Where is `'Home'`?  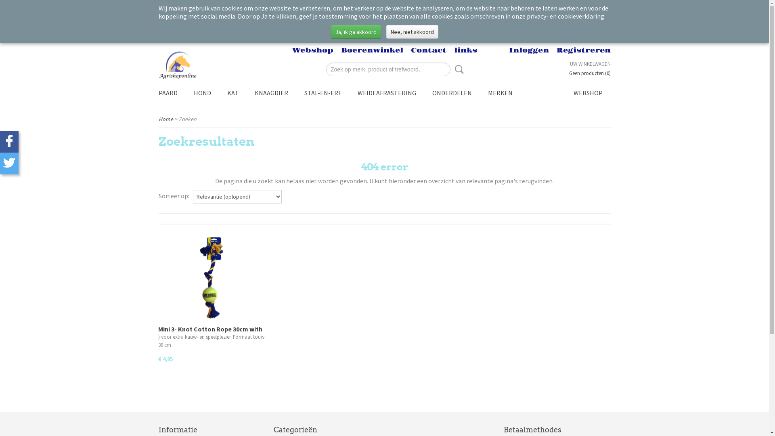
'Home' is located at coordinates (165, 119).